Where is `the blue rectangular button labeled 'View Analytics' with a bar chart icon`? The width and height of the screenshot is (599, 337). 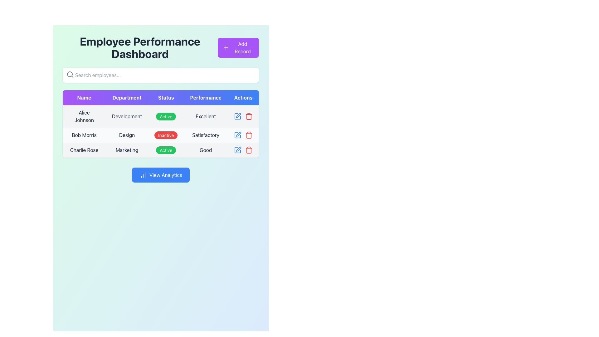
the blue rectangular button labeled 'View Analytics' with a bar chart icon is located at coordinates (161, 175).